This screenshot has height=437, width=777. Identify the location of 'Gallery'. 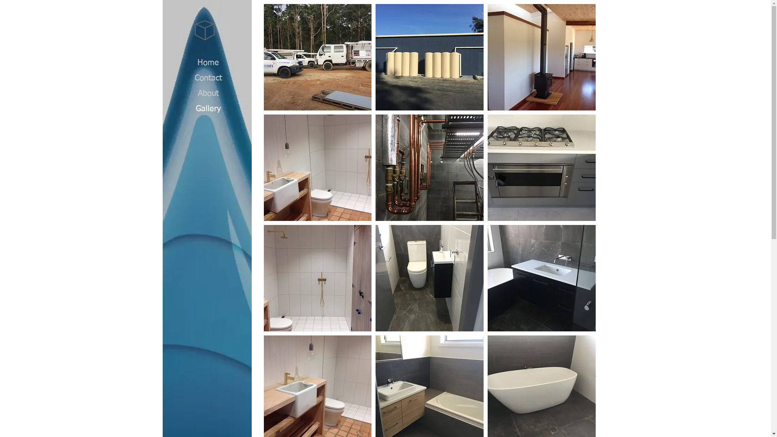
(208, 108).